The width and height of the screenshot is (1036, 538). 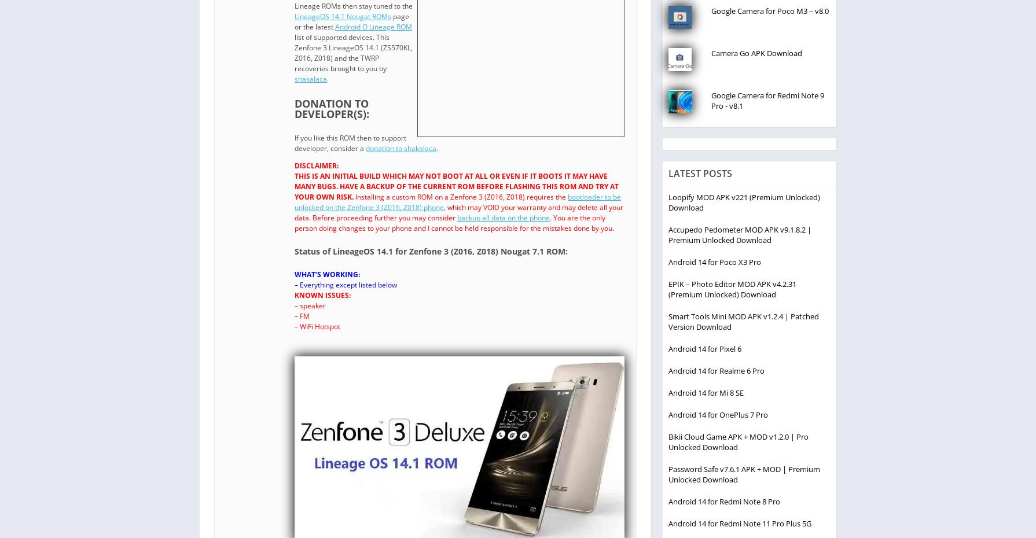 What do you see at coordinates (738, 441) in the screenshot?
I see `'Bikii Cloud Game APK + MOD v1.2.0 | Pro Unlocked Download'` at bounding box center [738, 441].